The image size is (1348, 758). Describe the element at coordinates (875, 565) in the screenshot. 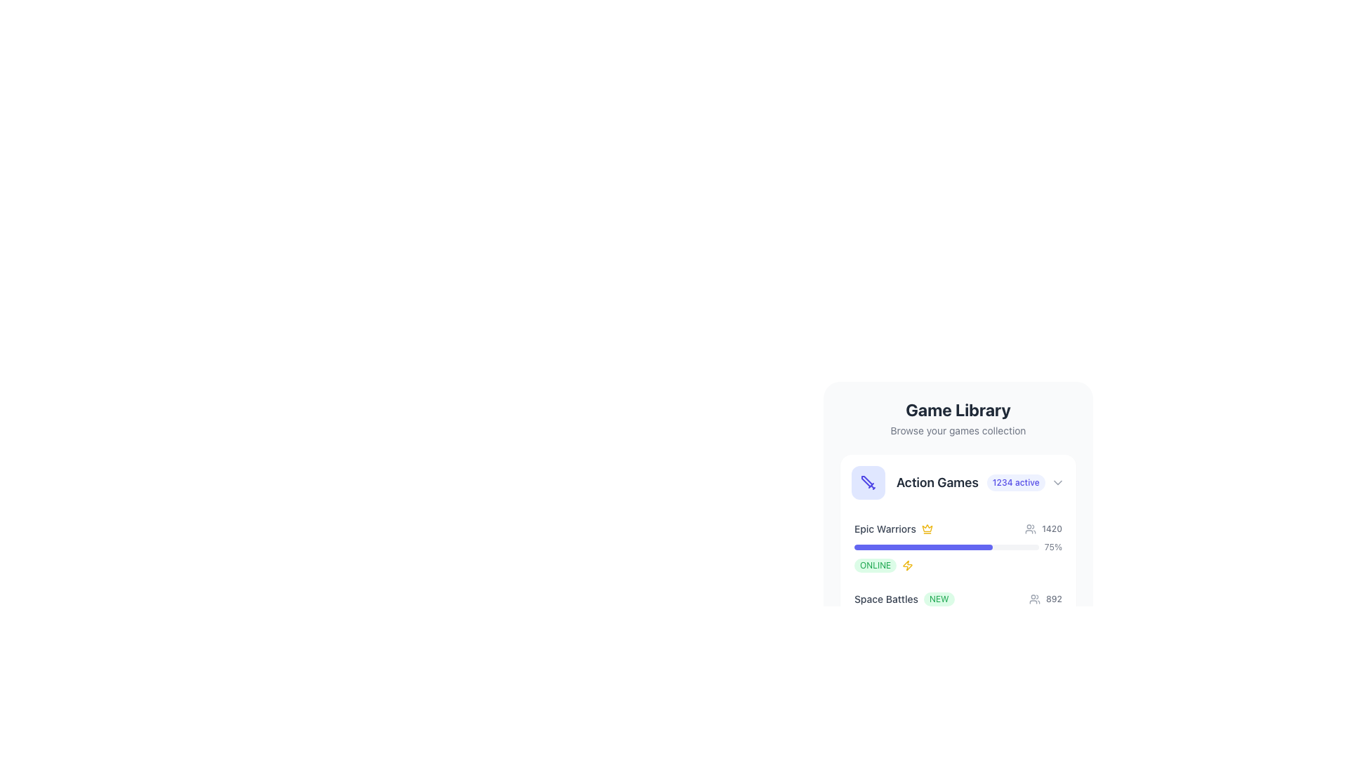

I see `the 'ONLINE' status badge, which is a small badge with a green font on a light green background, located within the 'Game Library' section under the 'Epic Warriors' game row` at that location.